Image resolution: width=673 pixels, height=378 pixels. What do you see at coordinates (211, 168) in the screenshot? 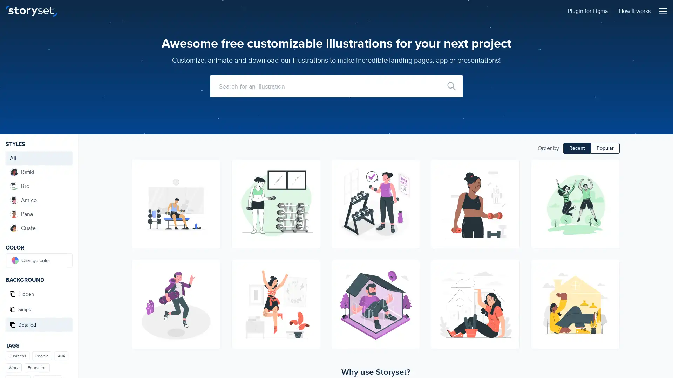
I see `wand icon Animate` at bounding box center [211, 168].